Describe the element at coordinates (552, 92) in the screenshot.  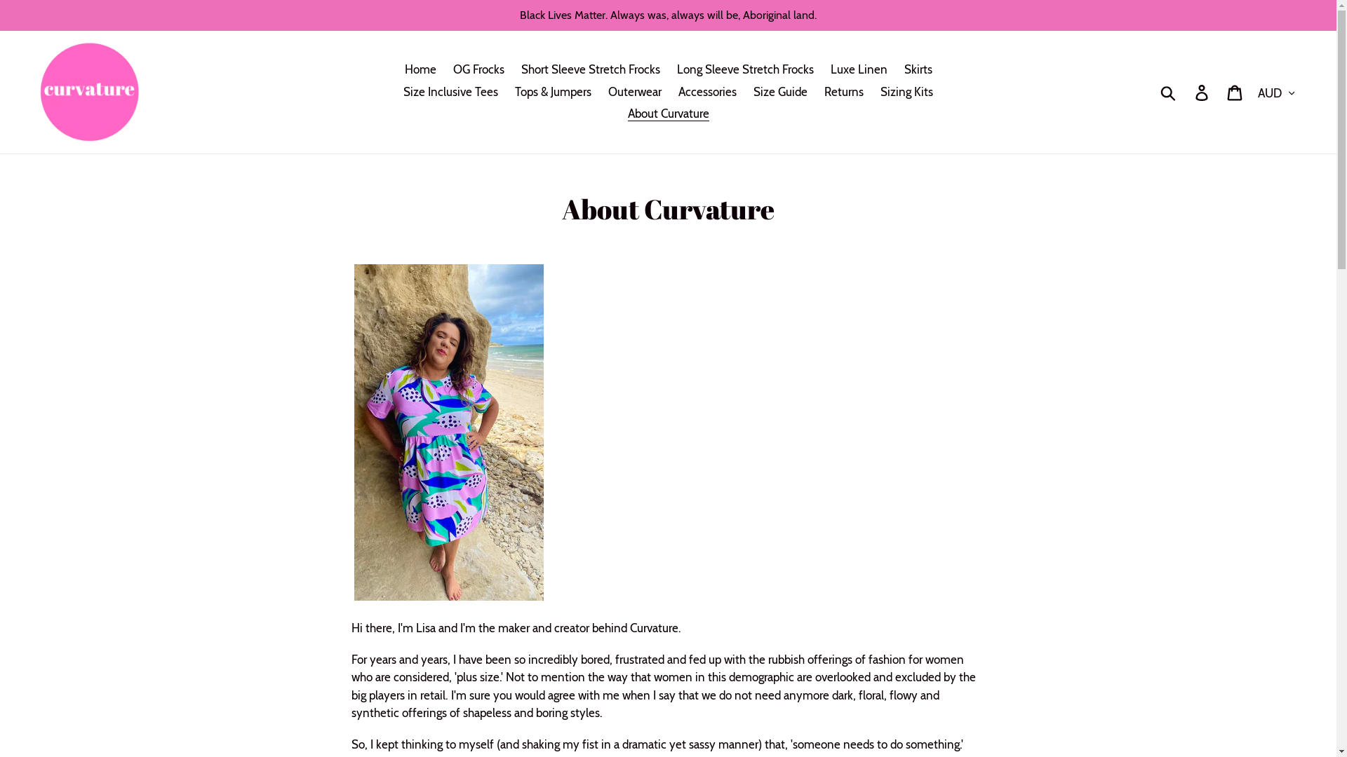
I see `'Tops & Jumpers'` at that location.